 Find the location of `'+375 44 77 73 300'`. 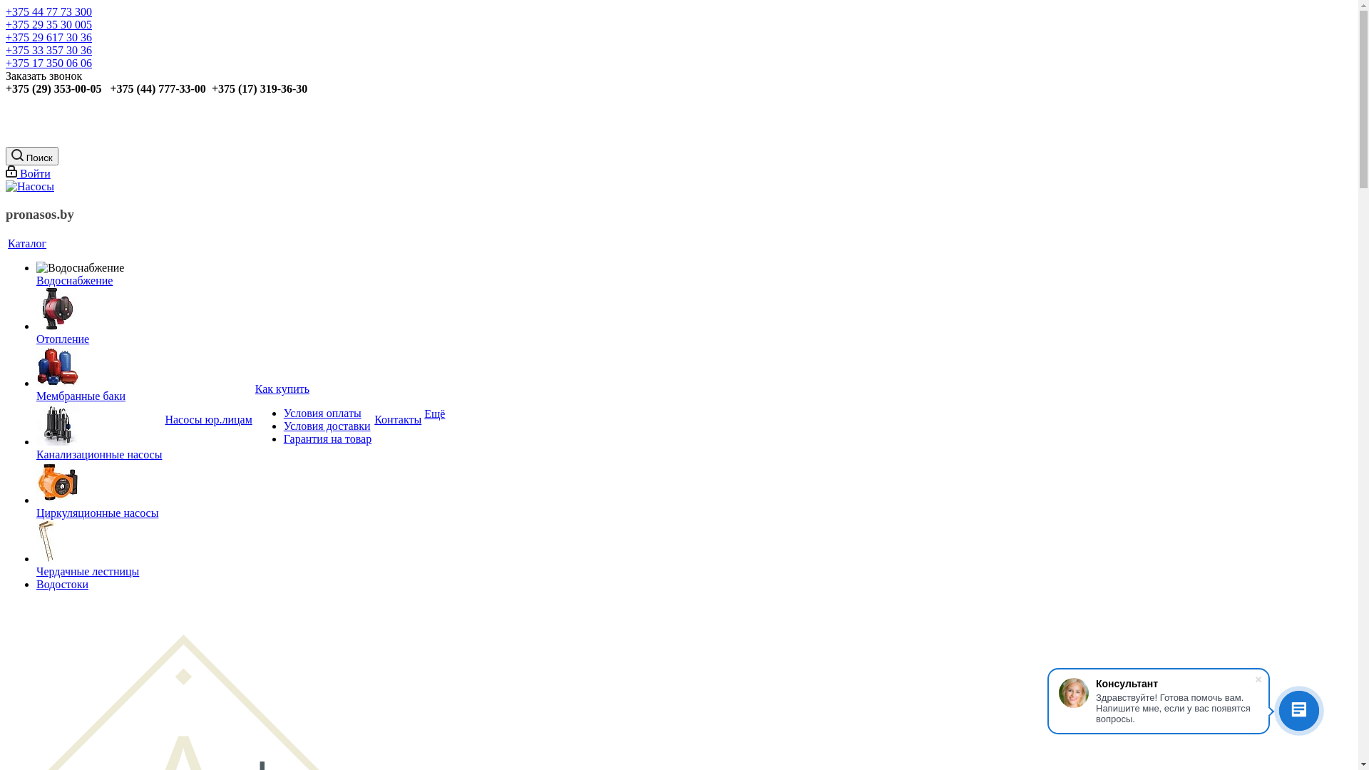

'+375 44 77 73 300' is located at coordinates (48, 11).